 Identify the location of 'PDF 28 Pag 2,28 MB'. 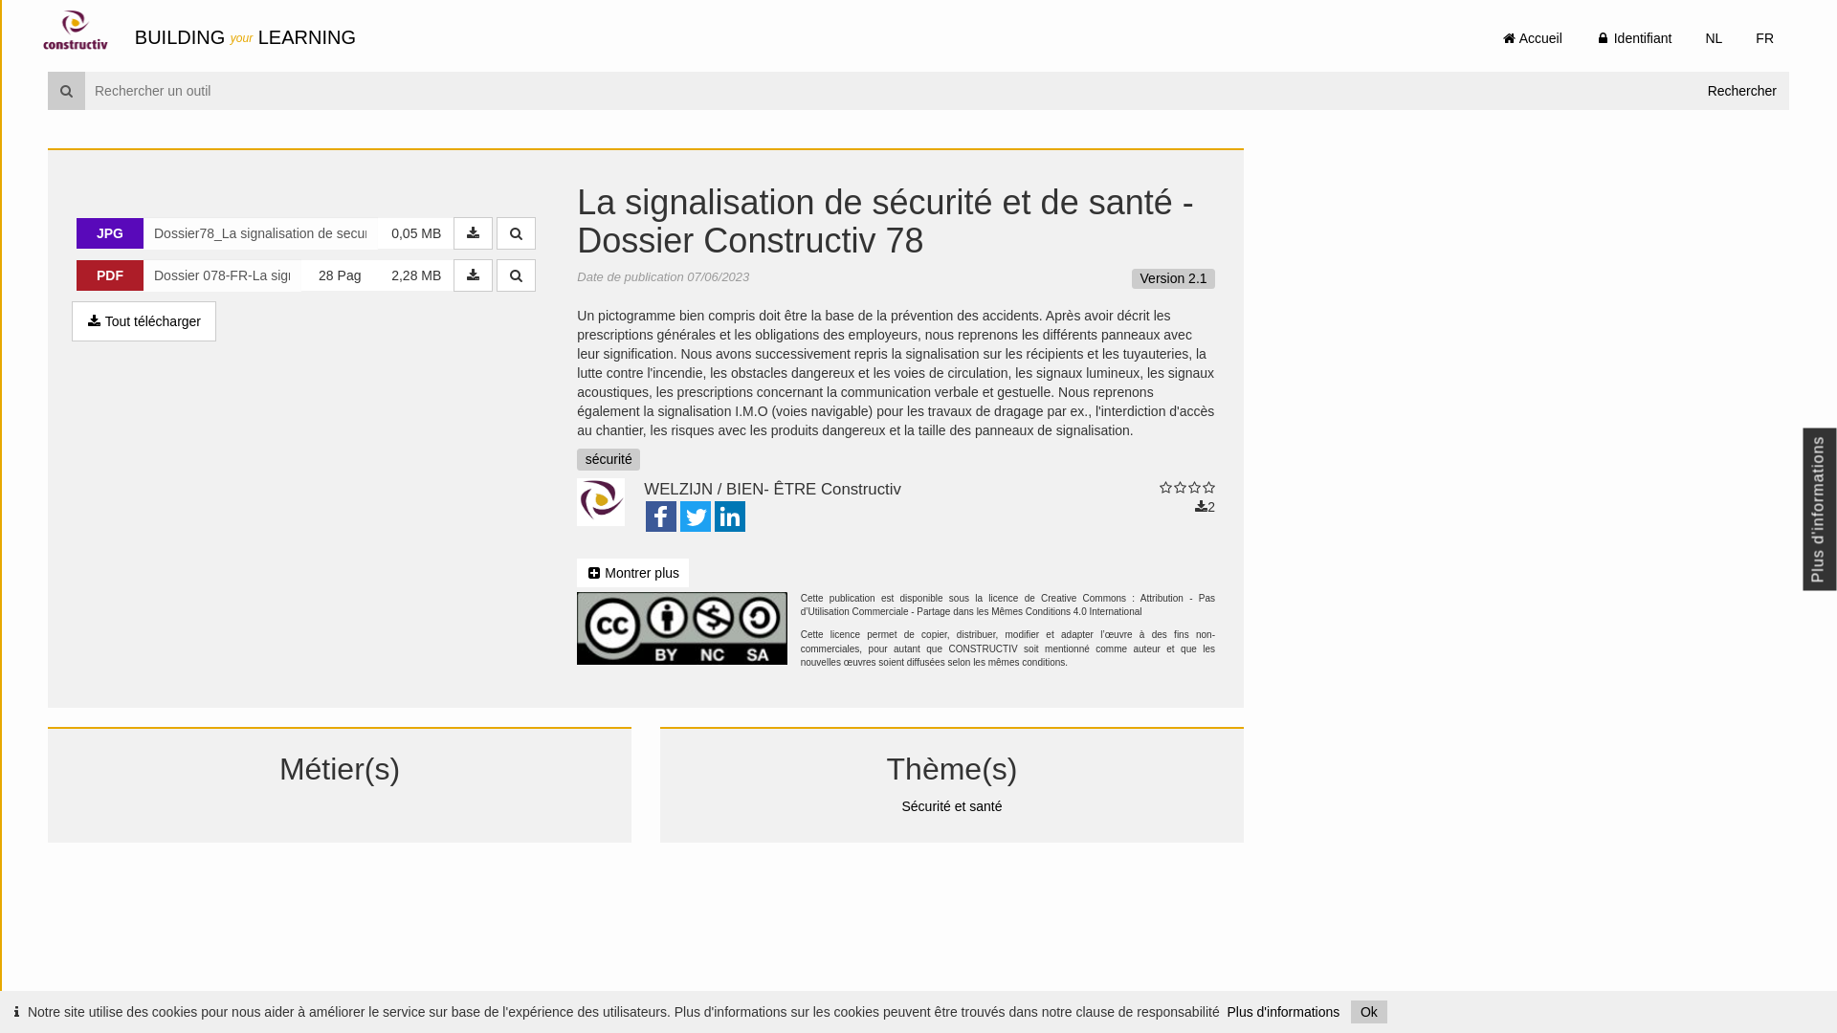
(283, 275).